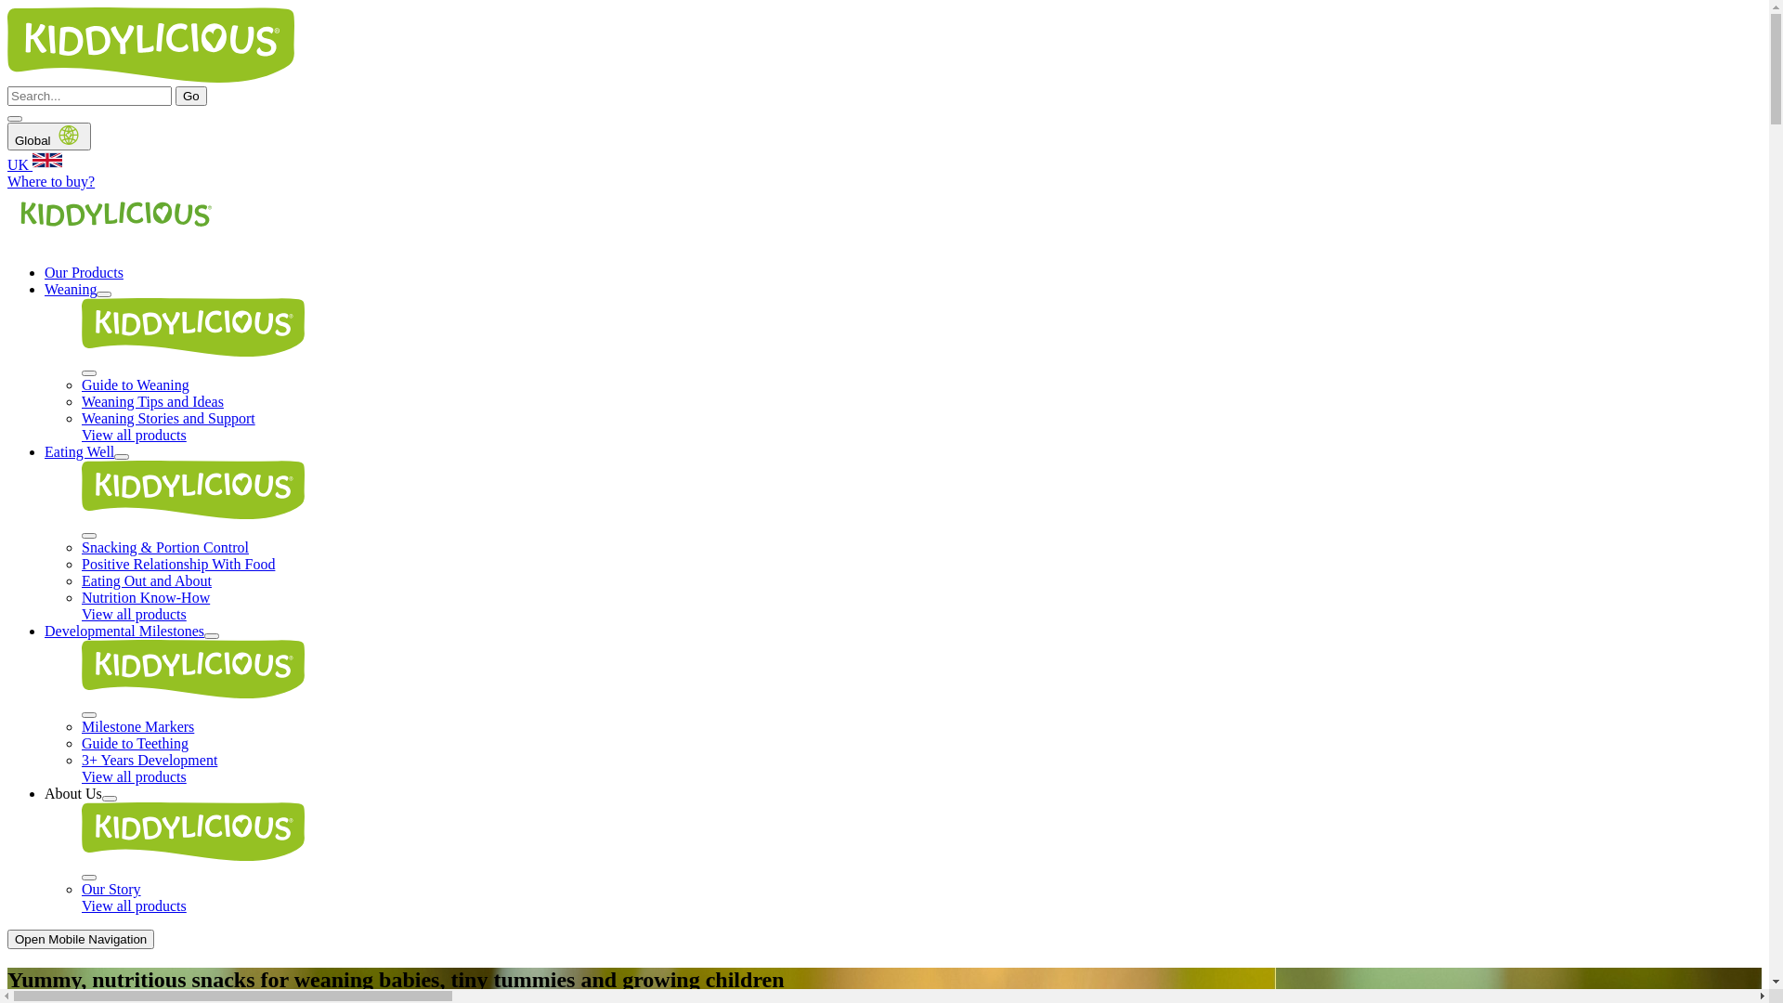 This screenshot has height=1003, width=1783. I want to click on 'Weaning Tips and Ideas', so click(152, 400).